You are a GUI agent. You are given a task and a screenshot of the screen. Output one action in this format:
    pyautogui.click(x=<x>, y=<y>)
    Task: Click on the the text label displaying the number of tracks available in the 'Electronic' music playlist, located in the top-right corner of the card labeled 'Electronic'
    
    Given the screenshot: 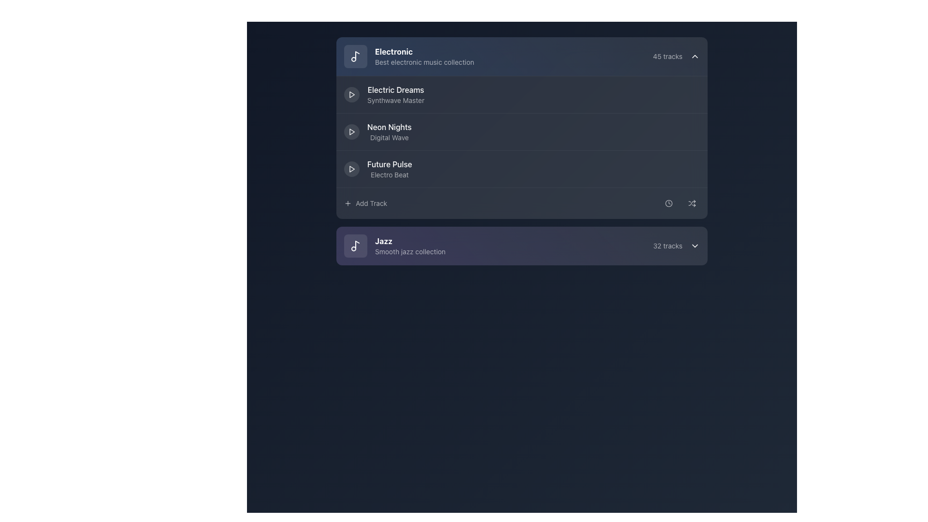 What is the action you would take?
    pyautogui.click(x=667, y=56)
    